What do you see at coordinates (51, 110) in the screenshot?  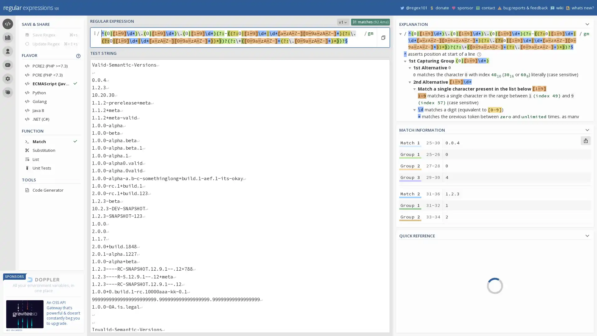 I see `Java 8` at bounding box center [51, 110].